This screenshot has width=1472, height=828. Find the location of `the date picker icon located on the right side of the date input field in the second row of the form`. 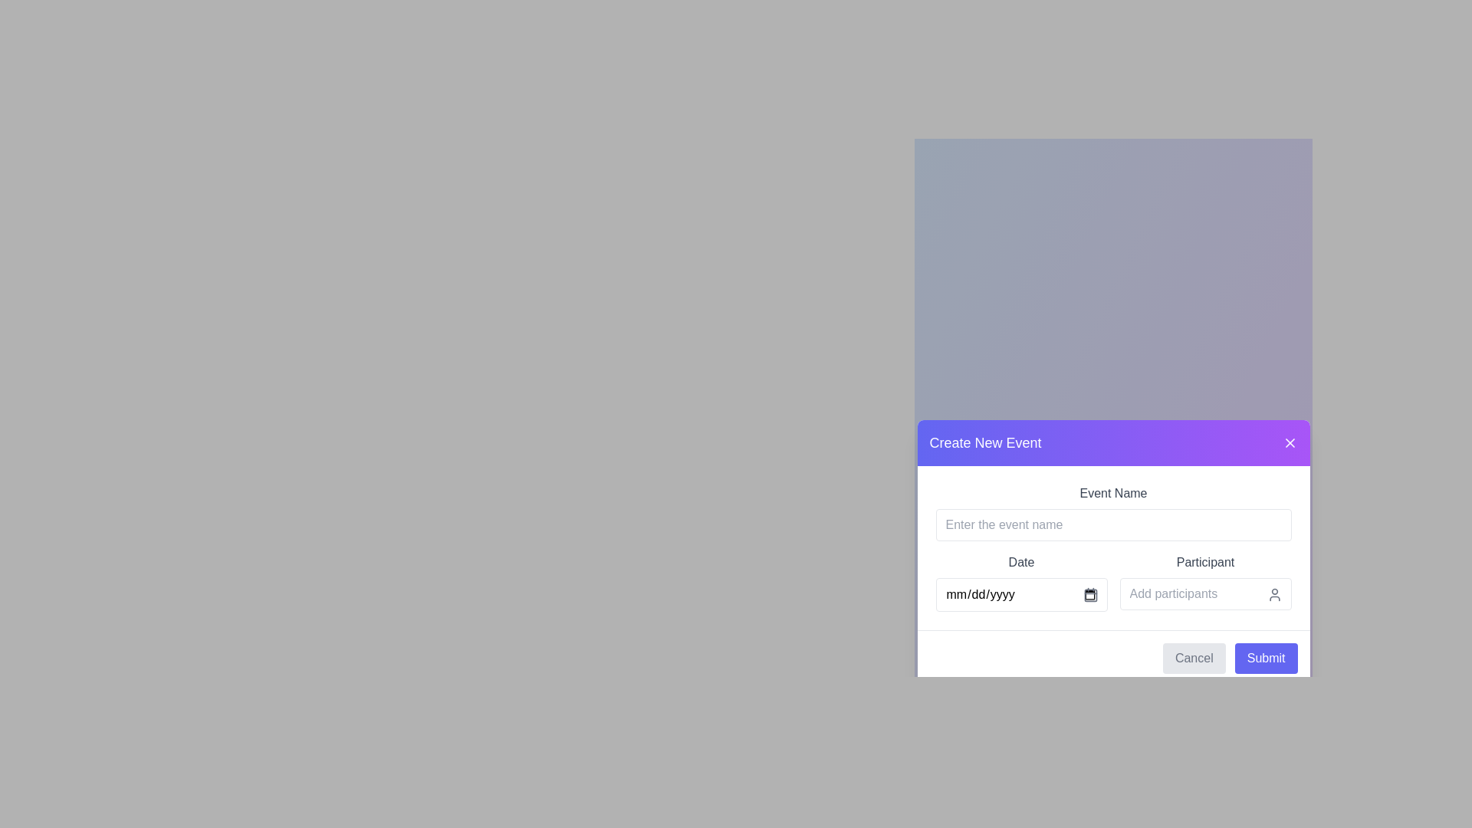

the date picker icon located on the right side of the date input field in the second row of the form is located at coordinates (1089, 593).